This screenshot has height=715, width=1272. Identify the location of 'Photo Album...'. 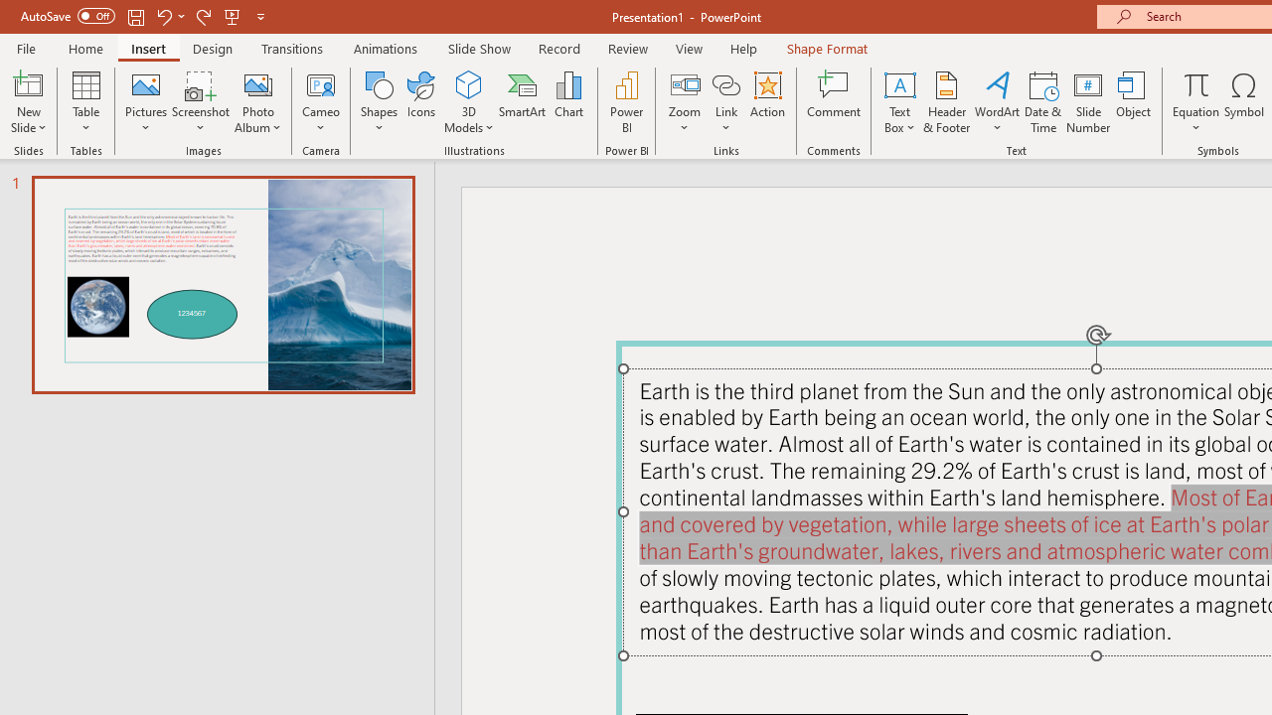
(256, 102).